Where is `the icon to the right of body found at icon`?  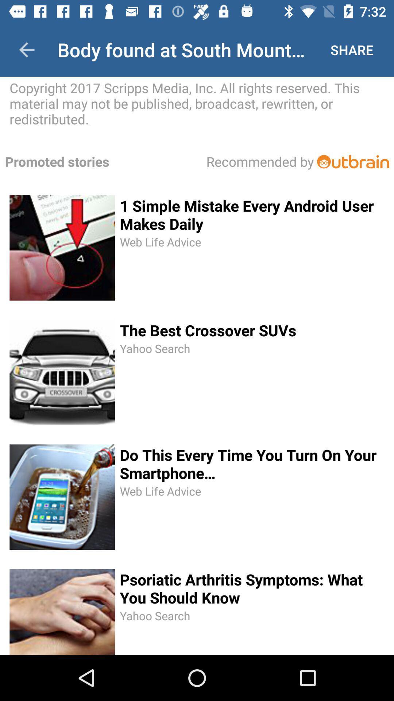 the icon to the right of body found at icon is located at coordinates (351, 49).